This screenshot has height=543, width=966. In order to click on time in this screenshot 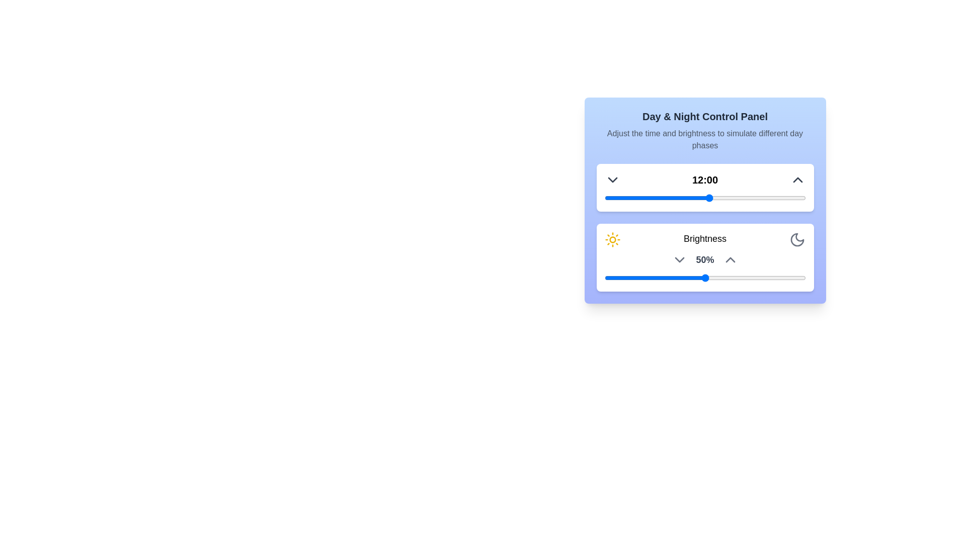, I will do `click(648, 198)`.